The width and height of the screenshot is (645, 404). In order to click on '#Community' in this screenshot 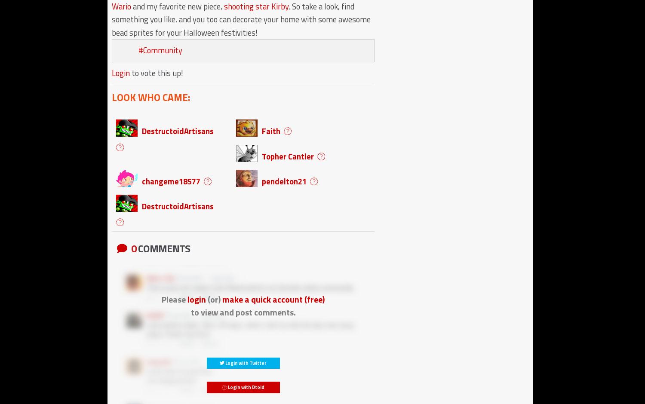, I will do `click(160, 50)`.